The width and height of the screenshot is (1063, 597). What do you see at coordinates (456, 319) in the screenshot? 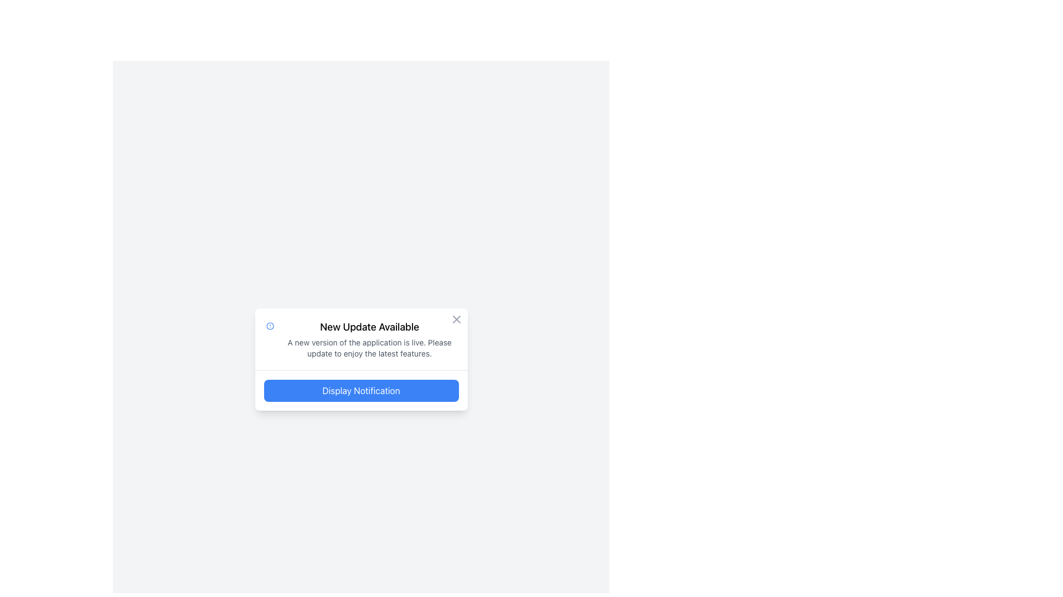
I see `the 'X' button in the top-right corner of the 'New Update Available' notification box to change its appearance` at bounding box center [456, 319].